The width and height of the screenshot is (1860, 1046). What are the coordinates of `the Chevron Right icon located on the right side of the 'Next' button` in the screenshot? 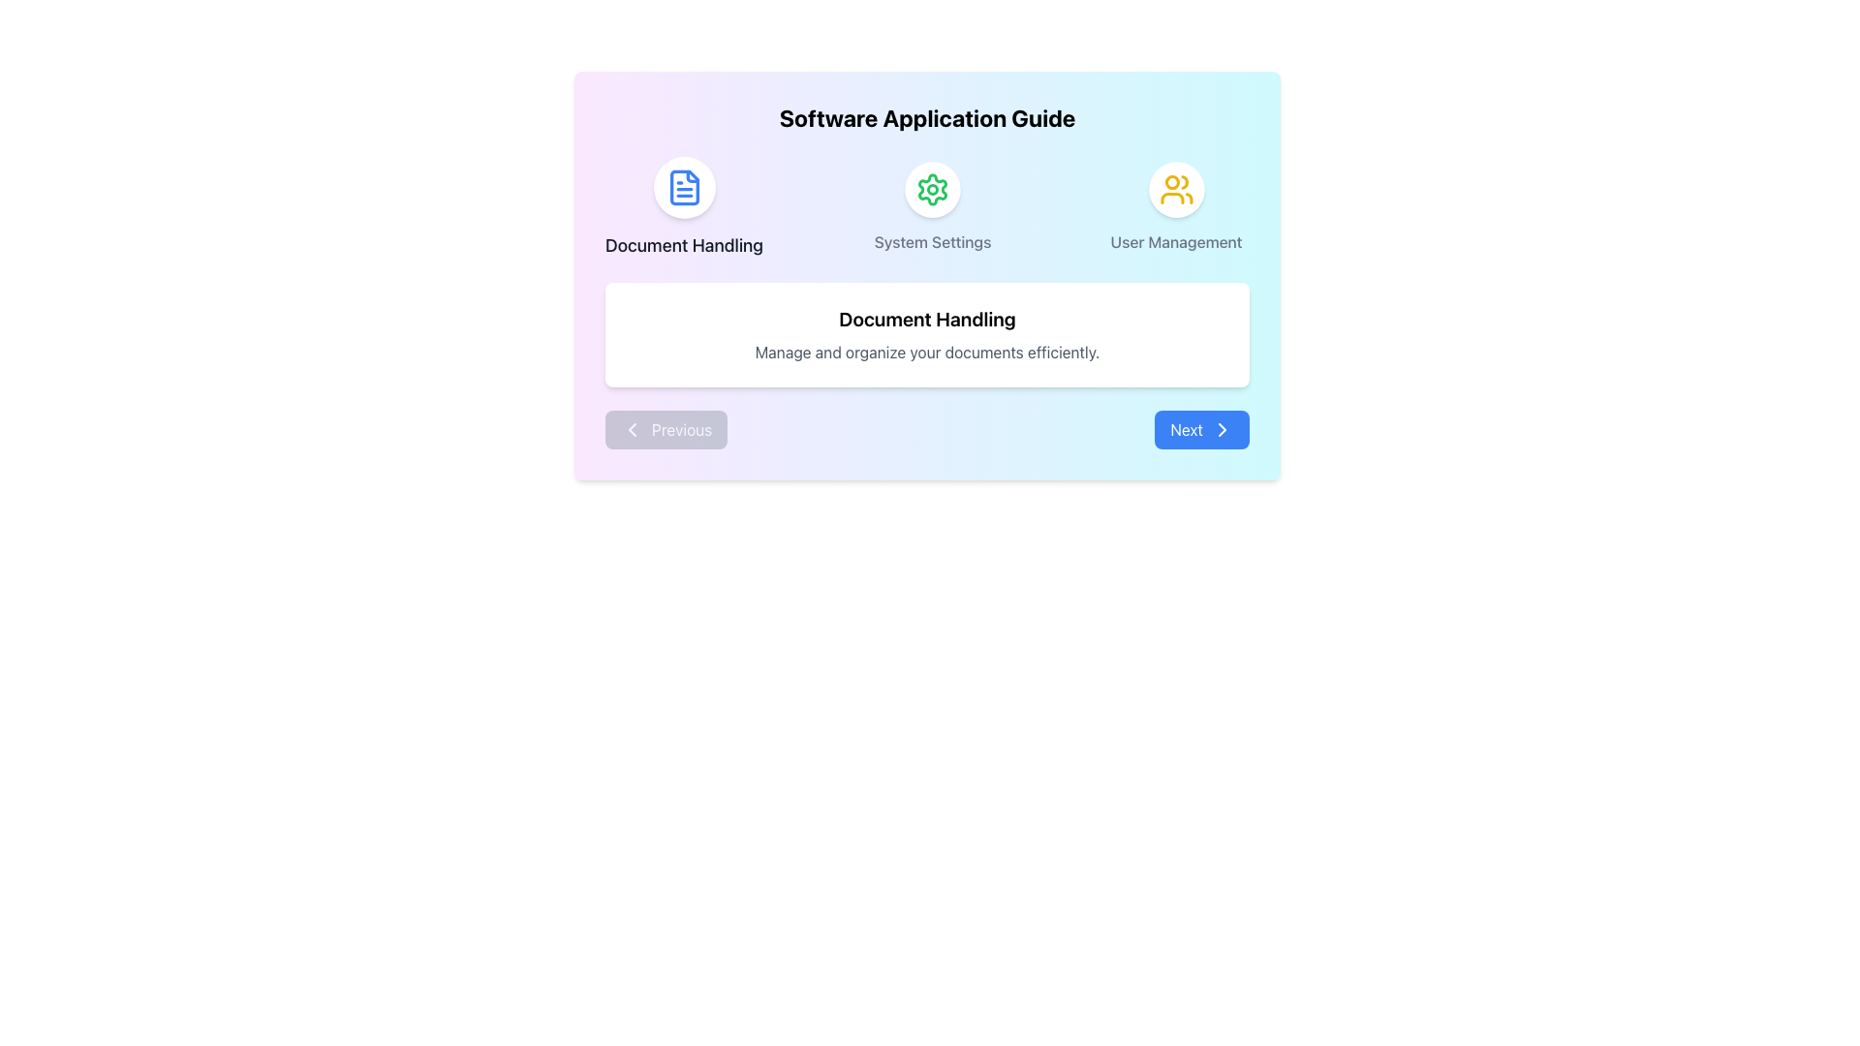 It's located at (1222, 428).